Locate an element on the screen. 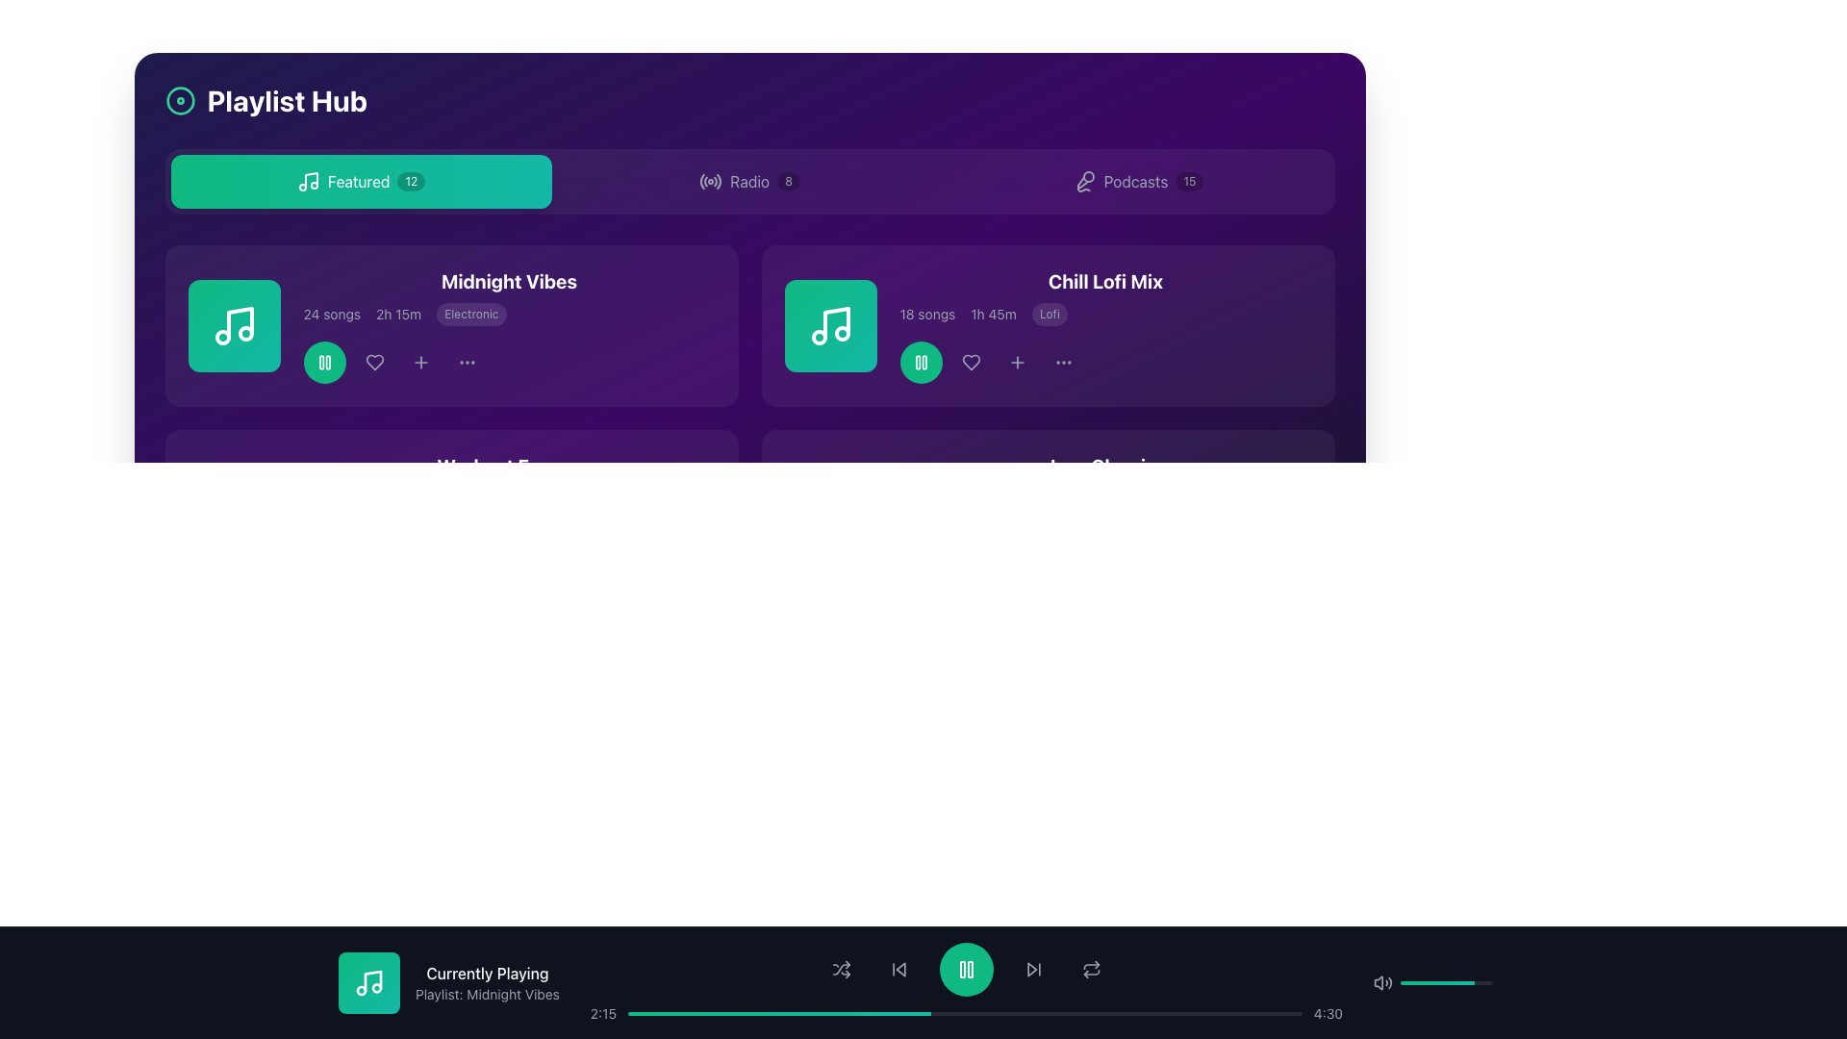 The height and width of the screenshot is (1039, 1847). the playback status text label located in the footer toolbar, positioned to the right of the playlist icon is located at coordinates (487, 973).